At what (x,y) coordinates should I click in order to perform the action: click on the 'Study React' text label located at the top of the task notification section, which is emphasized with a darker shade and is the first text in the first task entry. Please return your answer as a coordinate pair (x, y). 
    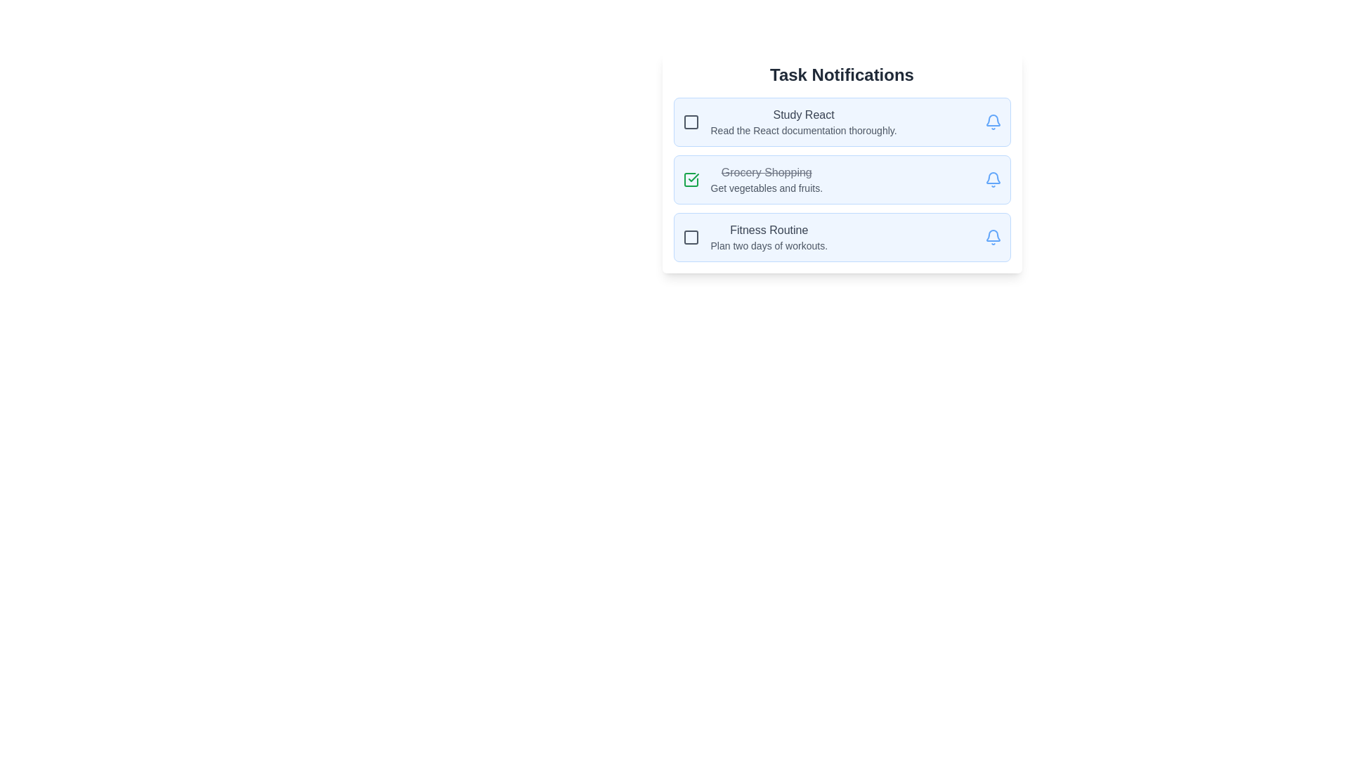
    Looking at the image, I should click on (804, 115).